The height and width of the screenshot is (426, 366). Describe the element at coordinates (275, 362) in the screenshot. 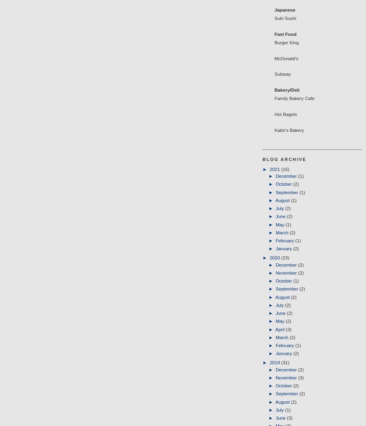

I see `'2019'` at that location.